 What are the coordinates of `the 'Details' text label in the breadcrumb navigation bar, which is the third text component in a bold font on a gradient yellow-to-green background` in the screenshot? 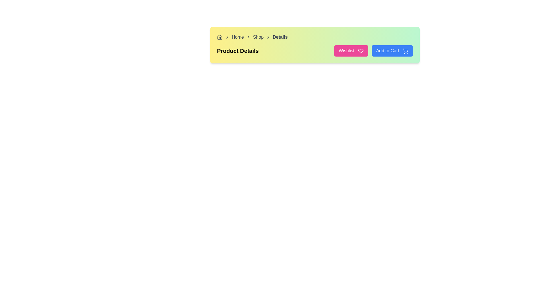 It's located at (280, 37).